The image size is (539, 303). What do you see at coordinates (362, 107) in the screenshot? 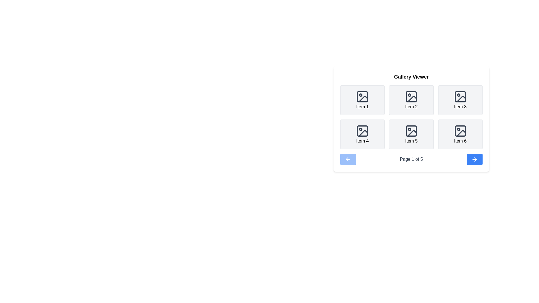
I see `label element that provides textual identification for the associated icon above it, located in the first position of a grid layout in the gallery viewer` at bounding box center [362, 107].